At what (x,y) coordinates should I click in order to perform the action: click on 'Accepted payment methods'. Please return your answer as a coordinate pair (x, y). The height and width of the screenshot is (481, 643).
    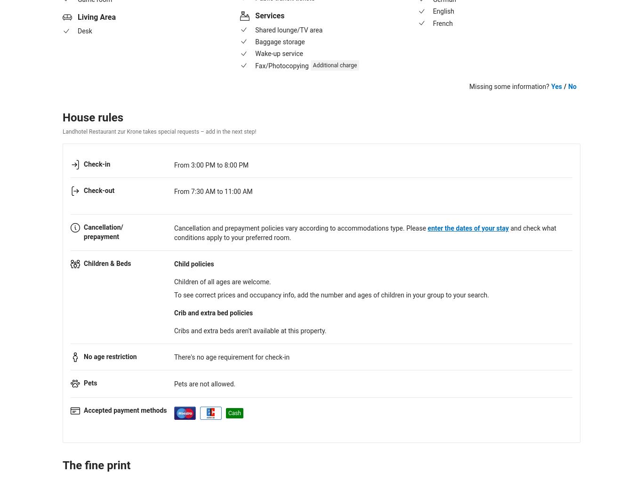
    Looking at the image, I should click on (125, 410).